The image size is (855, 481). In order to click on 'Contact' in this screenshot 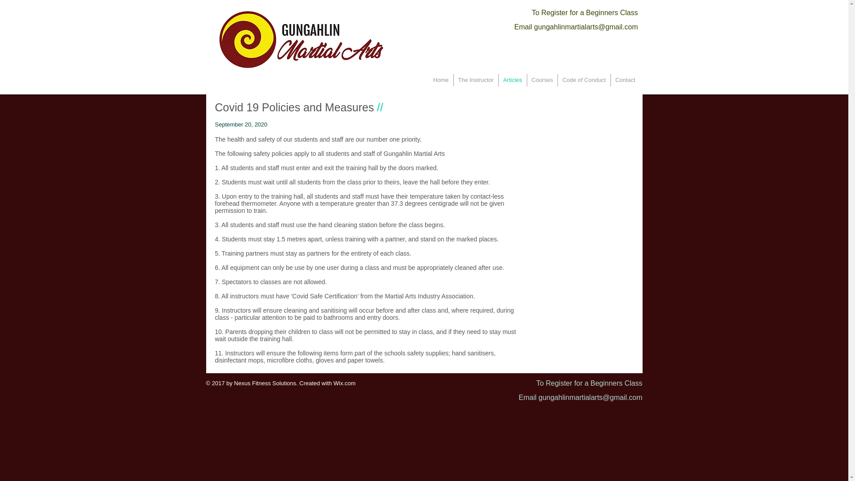, I will do `click(625, 80)`.